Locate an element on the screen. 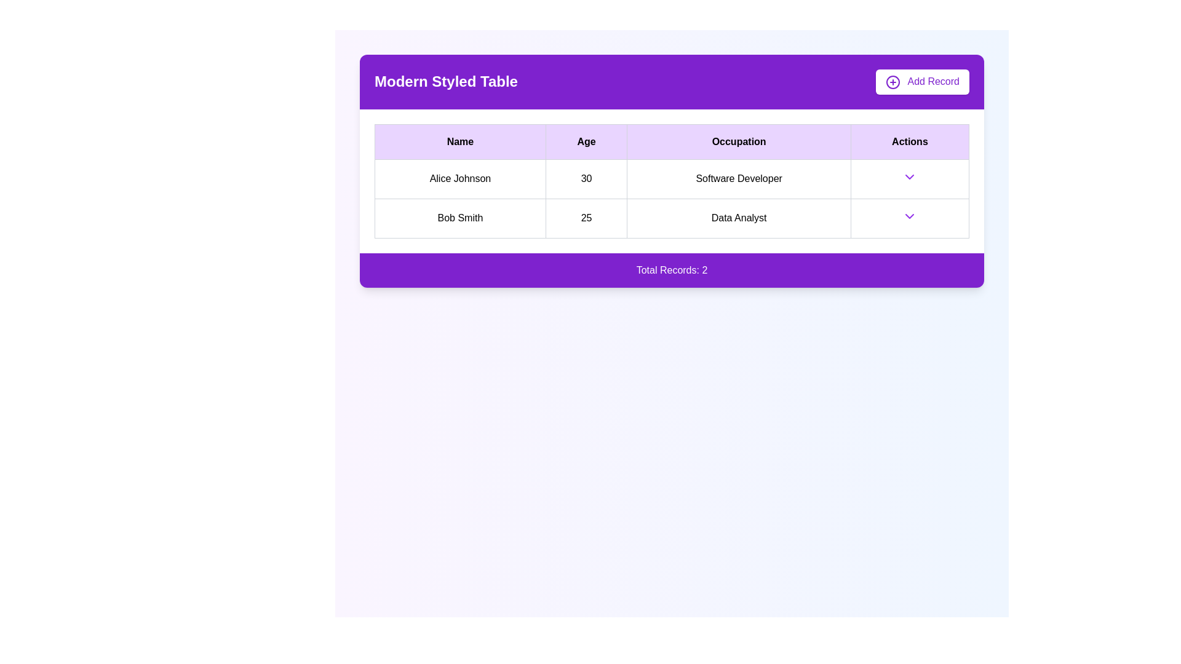 The width and height of the screenshot is (1181, 664). the text cell displaying the number '30' in black text, located under the 'Age' column header in the second column of the first row of the table is located at coordinates (586, 179).